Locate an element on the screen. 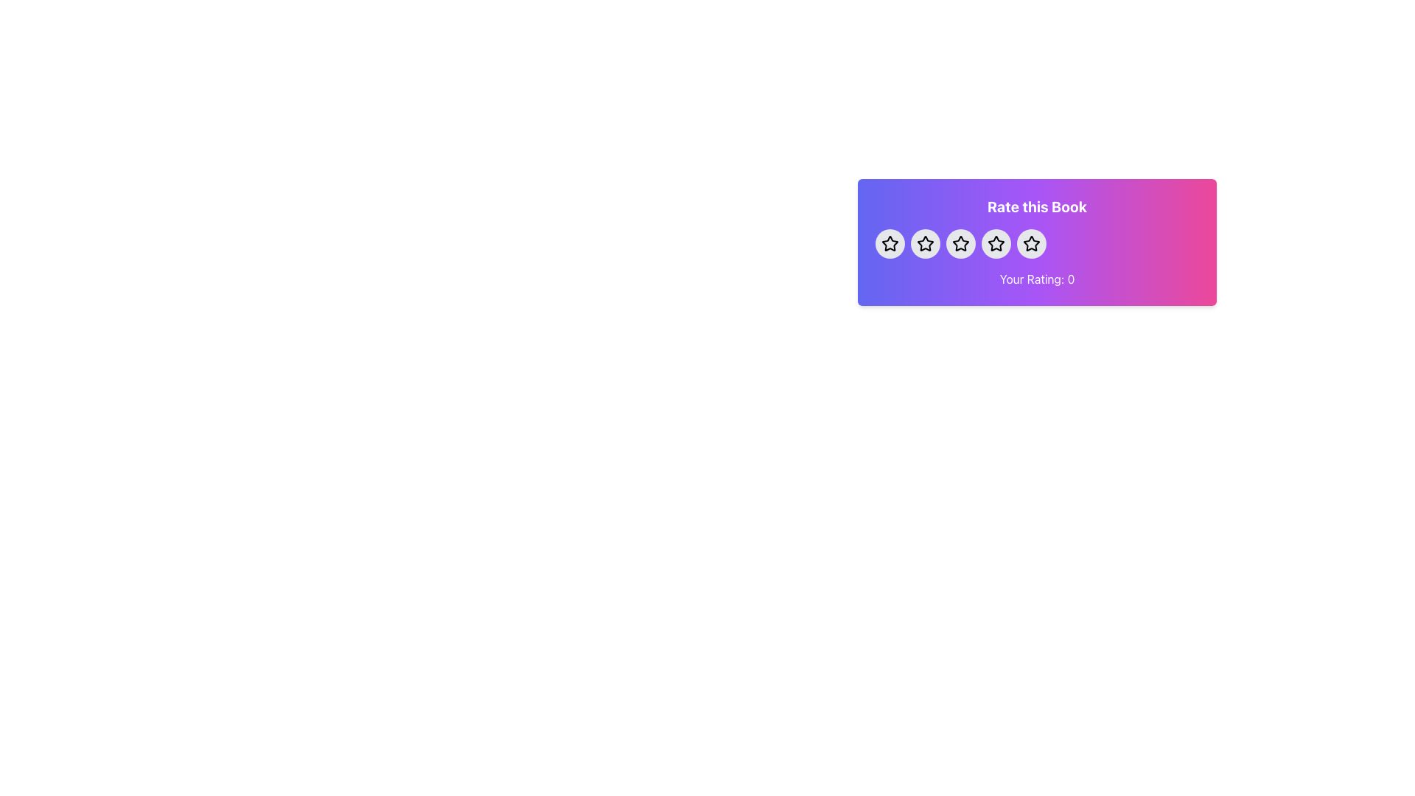 The width and height of the screenshot is (1415, 796). the third star button in the 5-star rating system to rate the book is located at coordinates (961, 243).